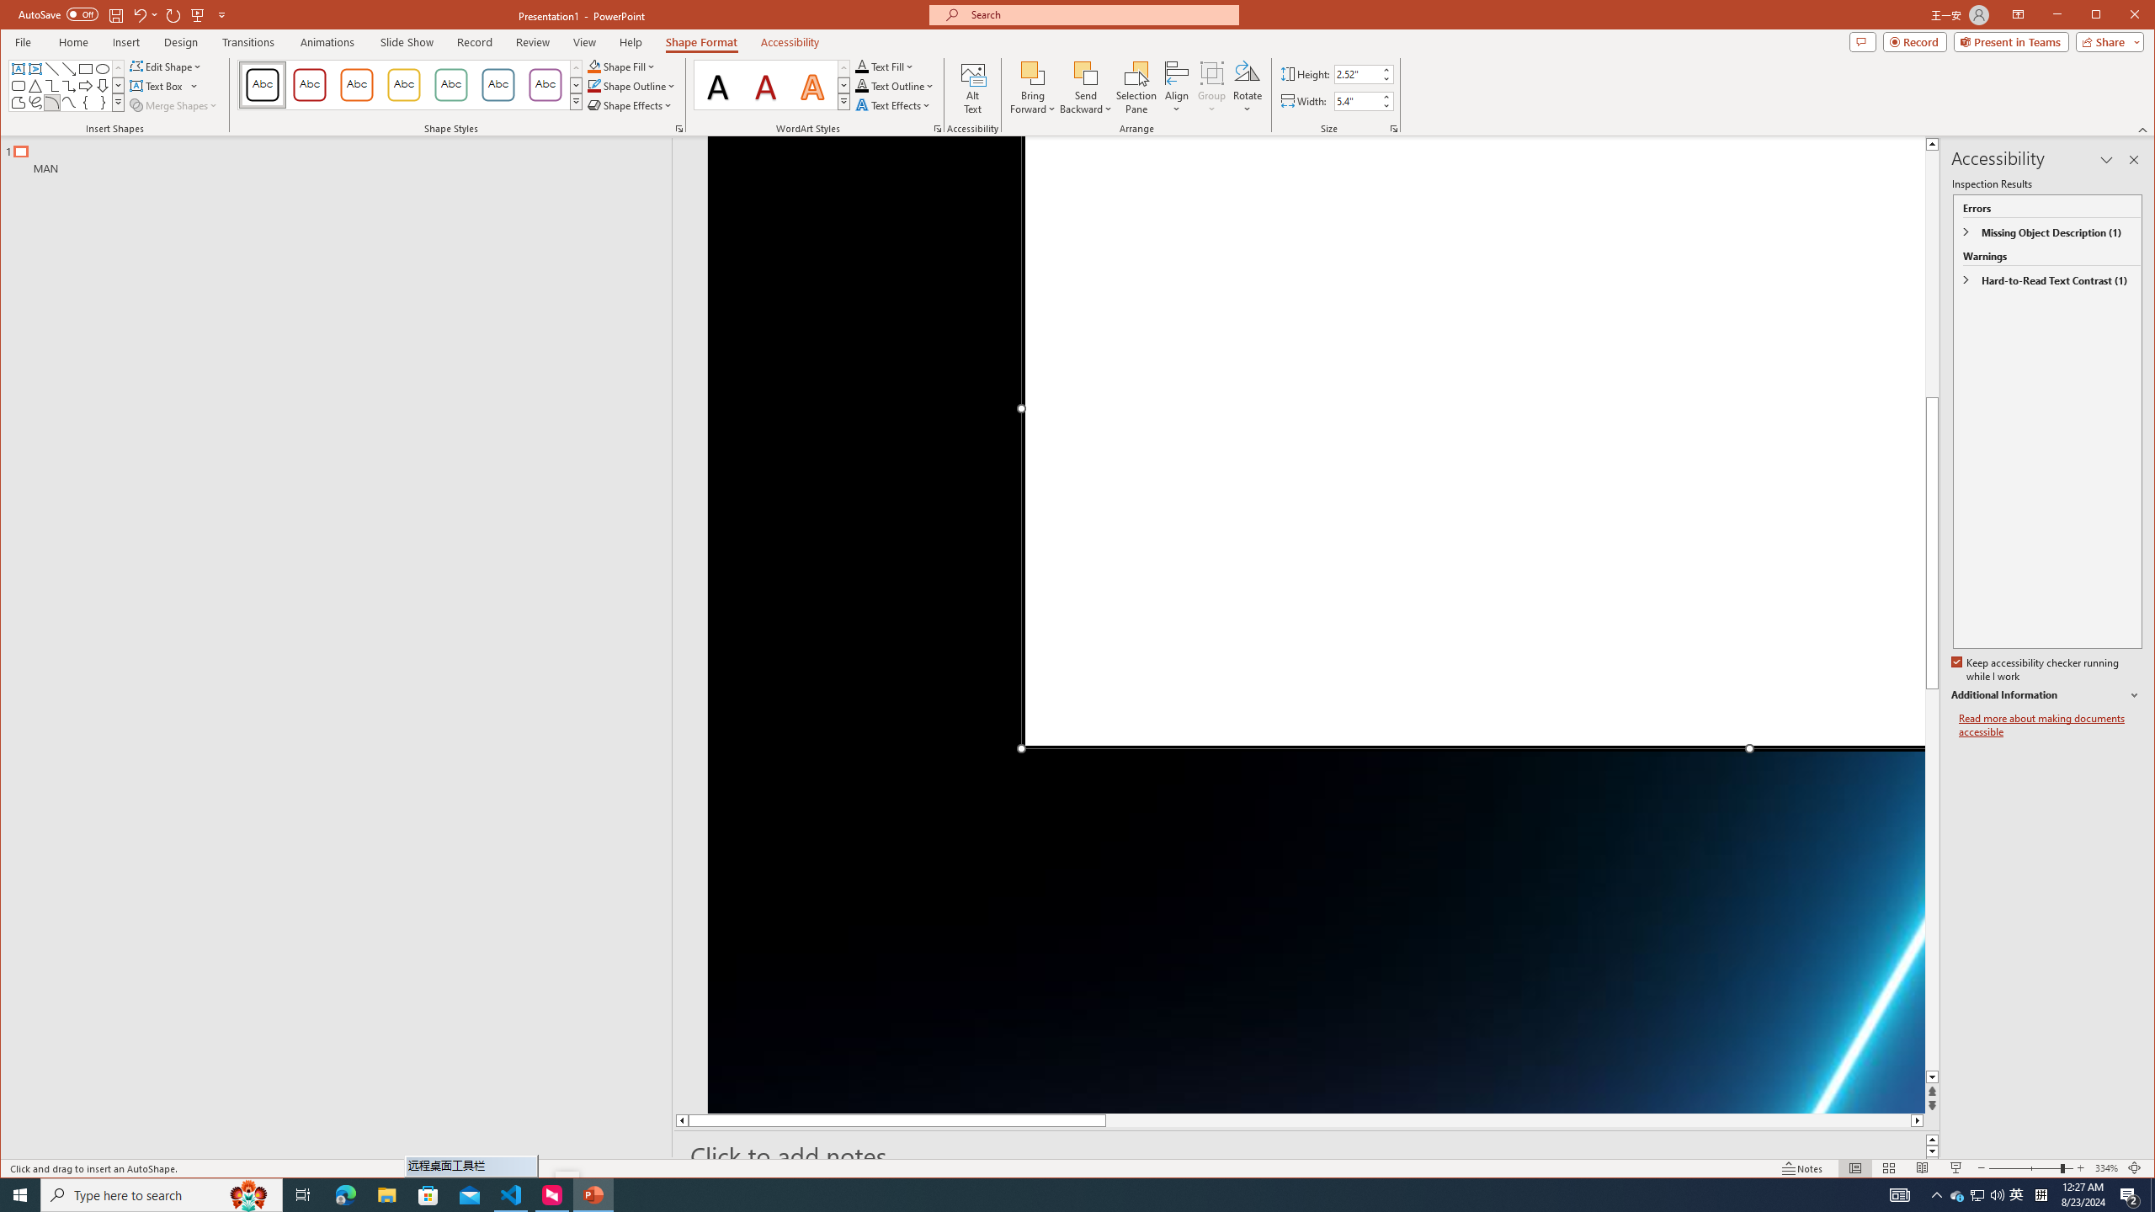 The width and height of the screenshot is (2155, 1212). What do you see at coordinates (631, 41) in the screenshot?
I see `'Help'` at bounding box center [631, 41].